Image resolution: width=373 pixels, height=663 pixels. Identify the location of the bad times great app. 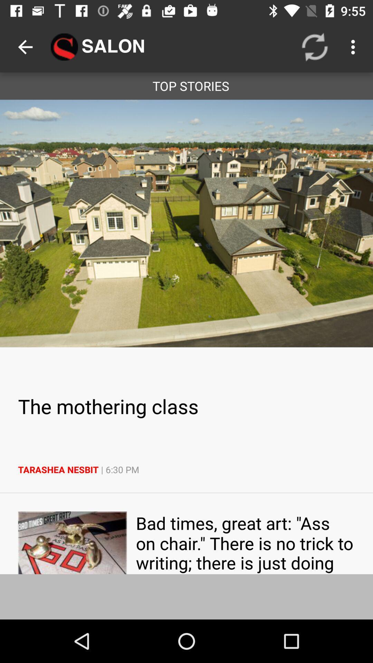
(245, 542).